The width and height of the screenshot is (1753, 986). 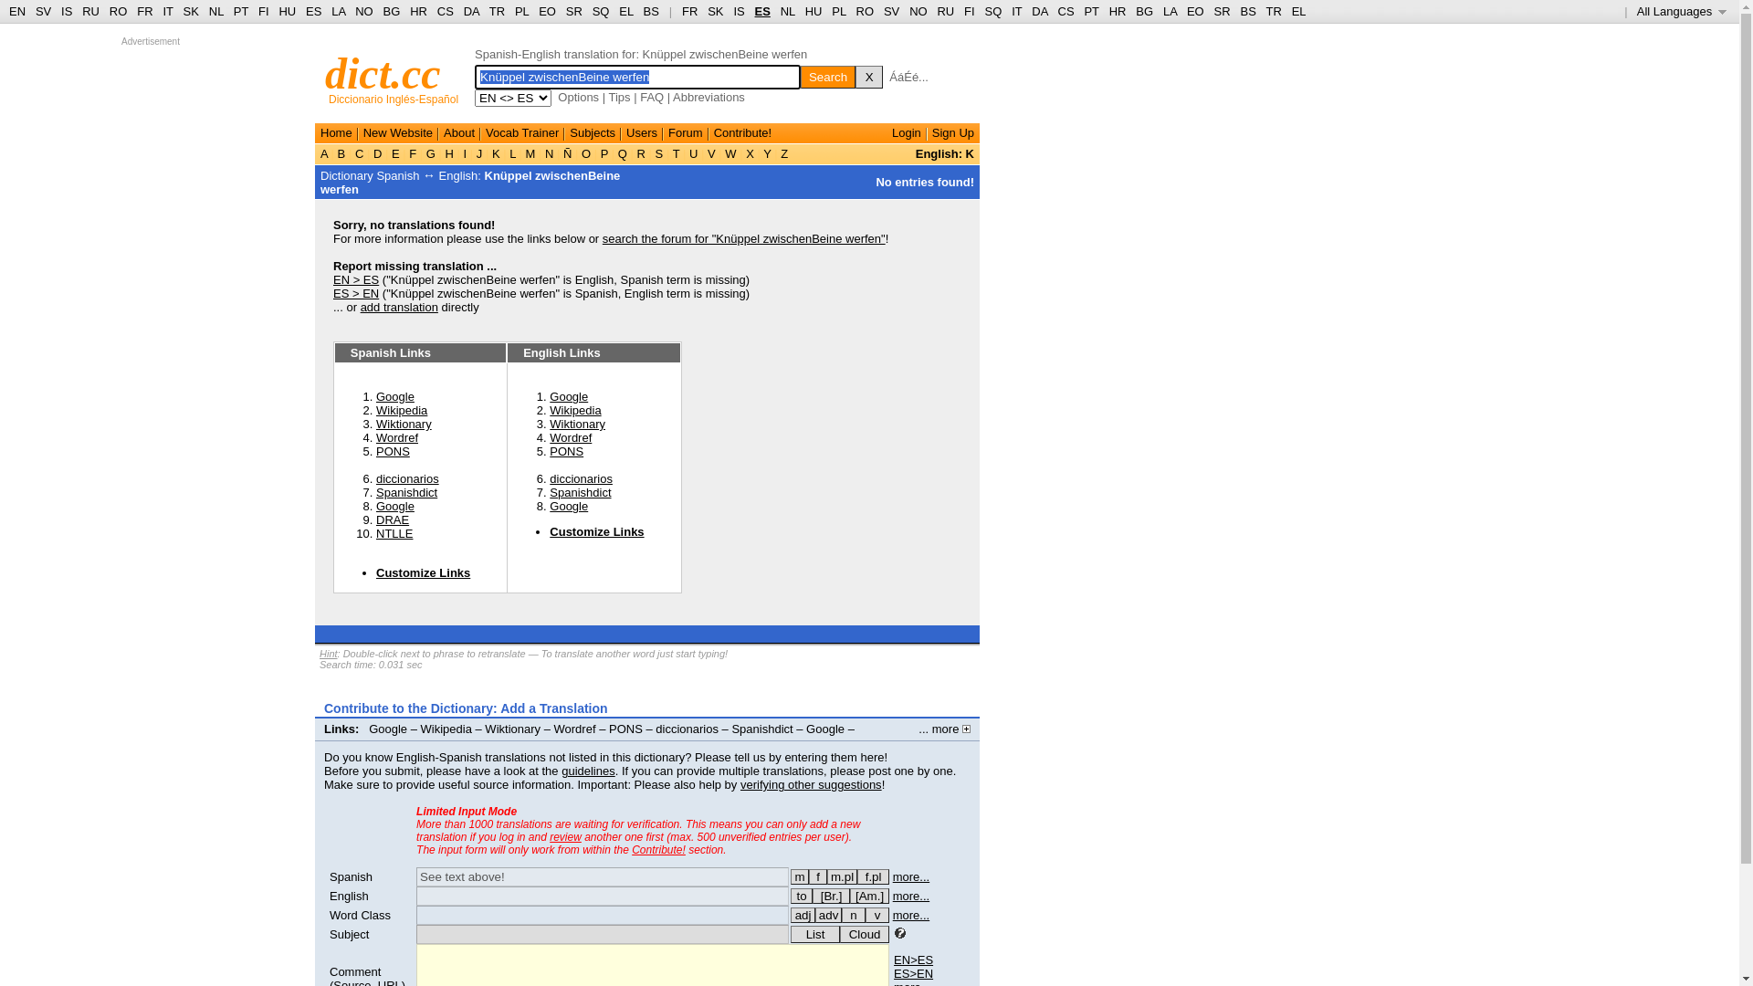 I want to click on 'H', so click(x=449, y=152).